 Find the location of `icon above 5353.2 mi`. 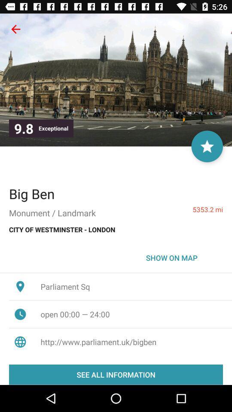

icon above 5353.2 mi is located at coordinates (207, 146).